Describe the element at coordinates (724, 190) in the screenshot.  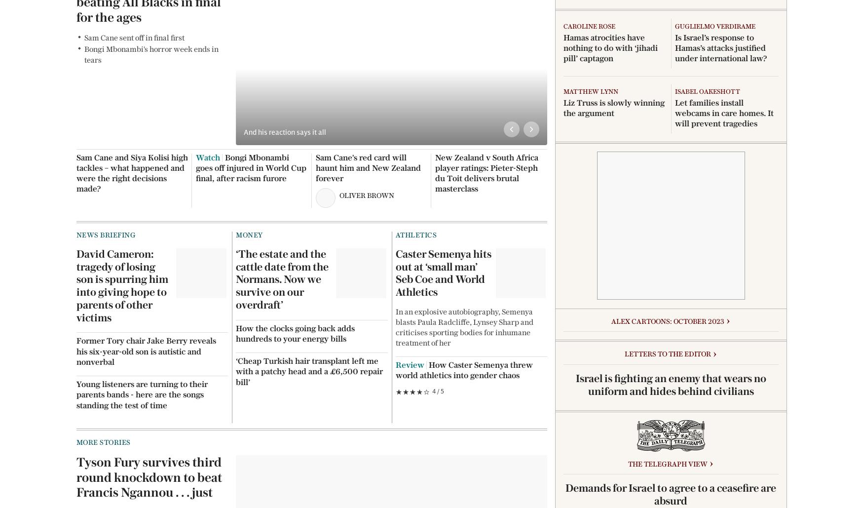
I see `'‘We’ve moved near my in-laws and I feel as if I’m in a soap opera’'` at that location.